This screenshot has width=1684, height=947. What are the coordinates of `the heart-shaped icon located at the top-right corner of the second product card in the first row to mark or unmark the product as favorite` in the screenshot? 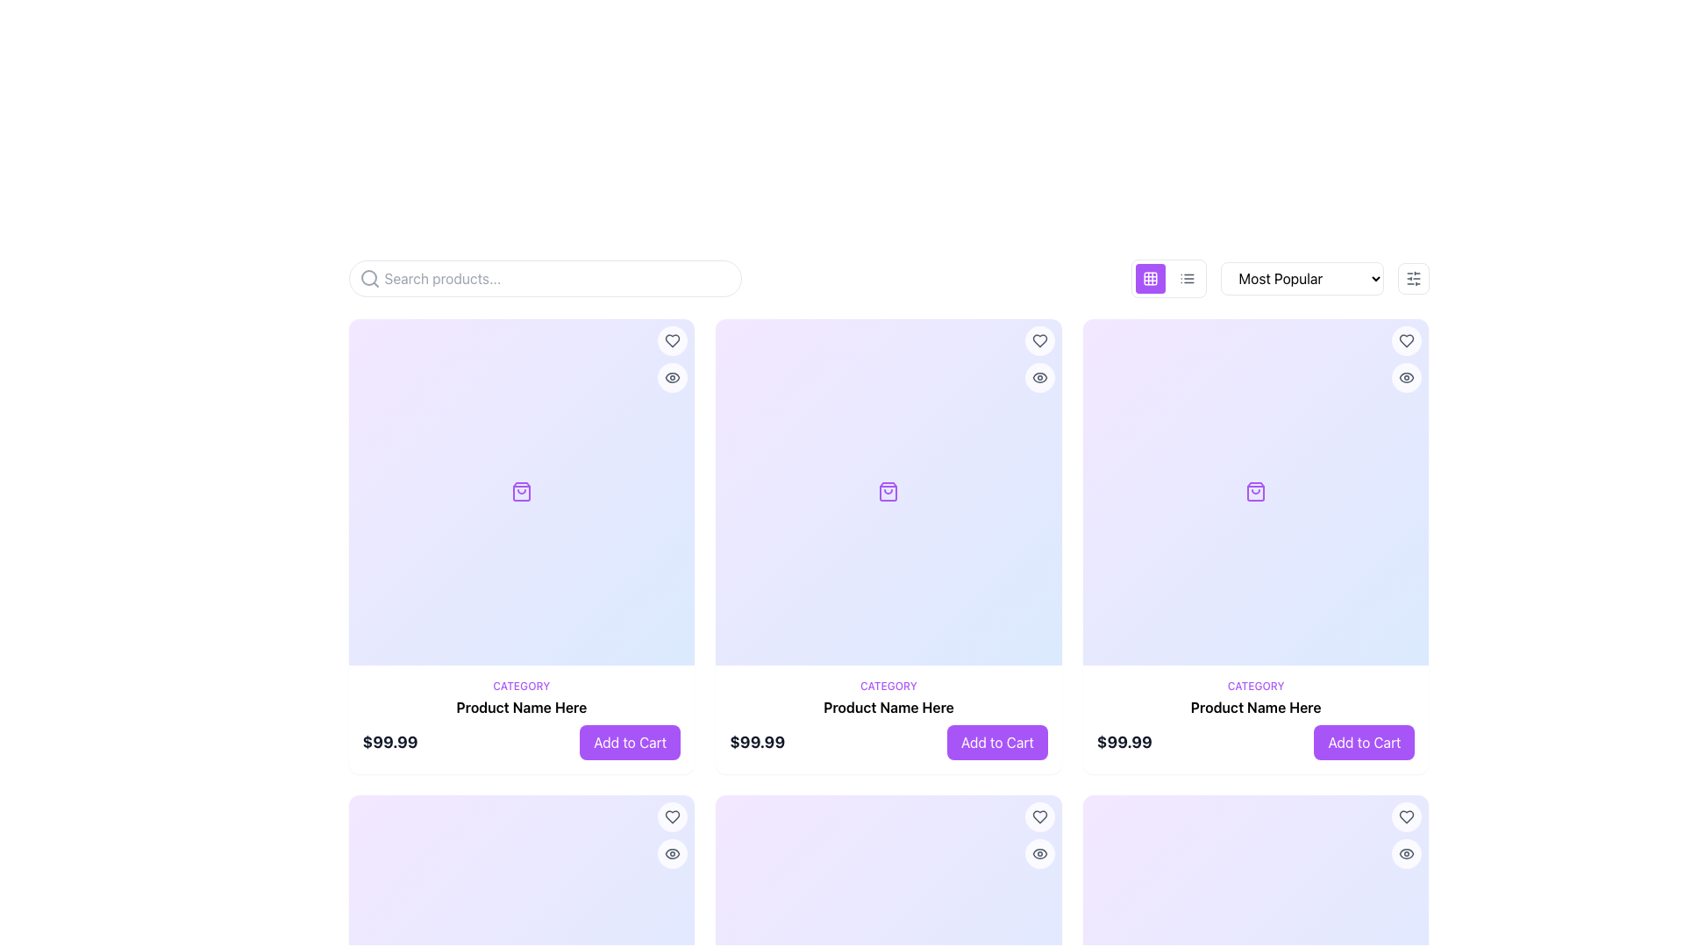 It's located at (1039, 816).